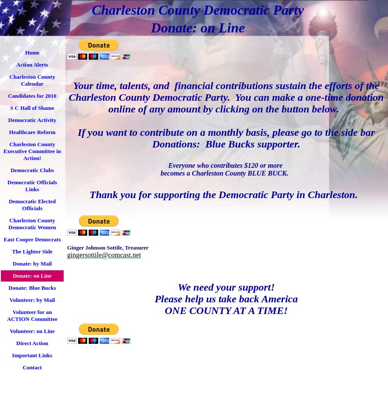 This screenshot has width=388, height=394. I want to click on 'Donate:  by Mail', so click(32, 263).